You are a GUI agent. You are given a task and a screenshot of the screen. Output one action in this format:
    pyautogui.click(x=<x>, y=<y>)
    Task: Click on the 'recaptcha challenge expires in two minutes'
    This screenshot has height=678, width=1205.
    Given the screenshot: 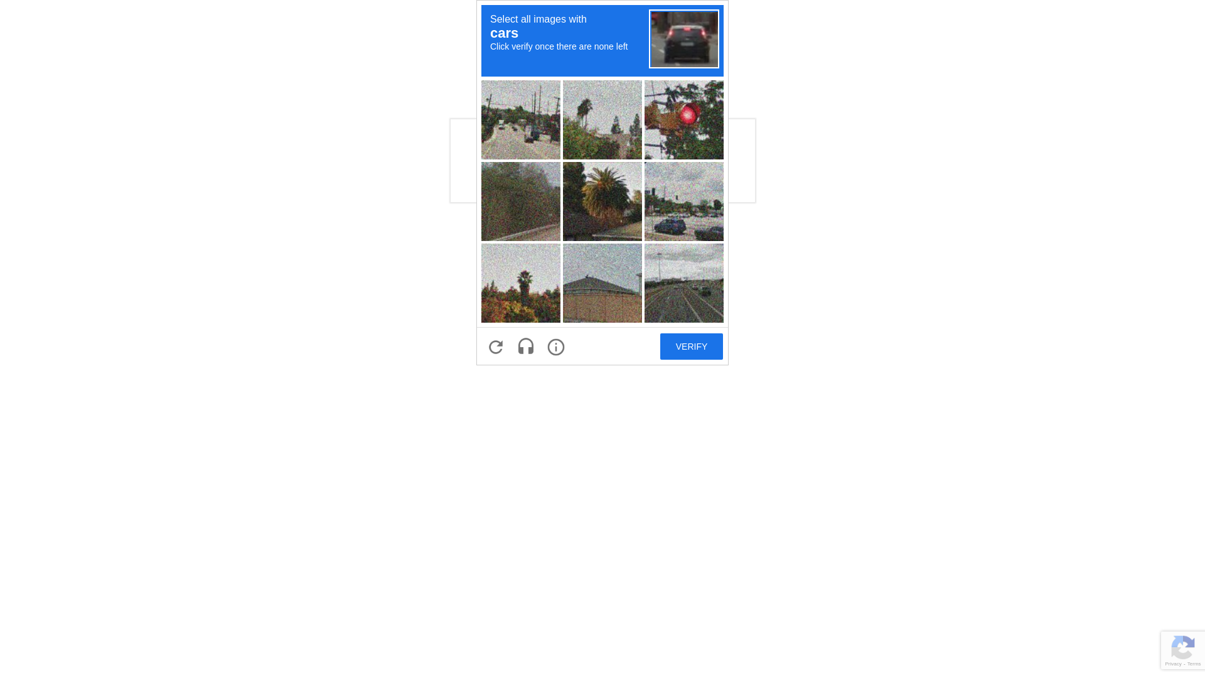 What is the action you would take?
    pyautogui.click(x=602, y=182)
    